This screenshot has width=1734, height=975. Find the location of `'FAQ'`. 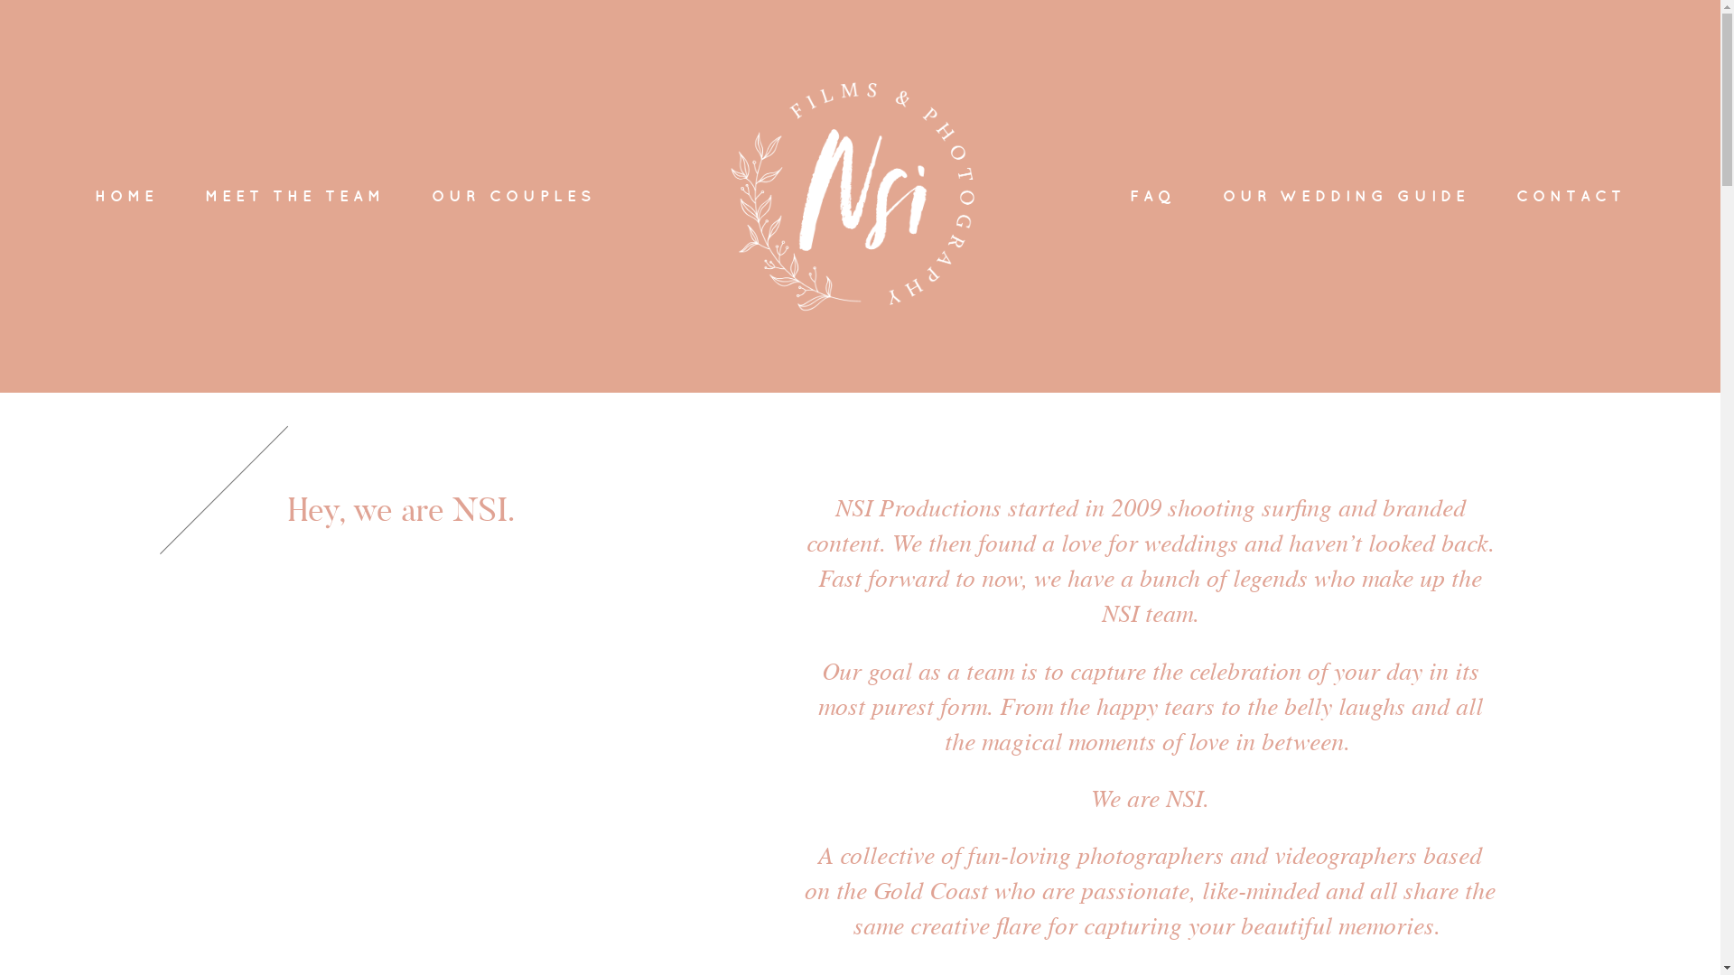

'FAQ' is located at coordinates (1151, 196).